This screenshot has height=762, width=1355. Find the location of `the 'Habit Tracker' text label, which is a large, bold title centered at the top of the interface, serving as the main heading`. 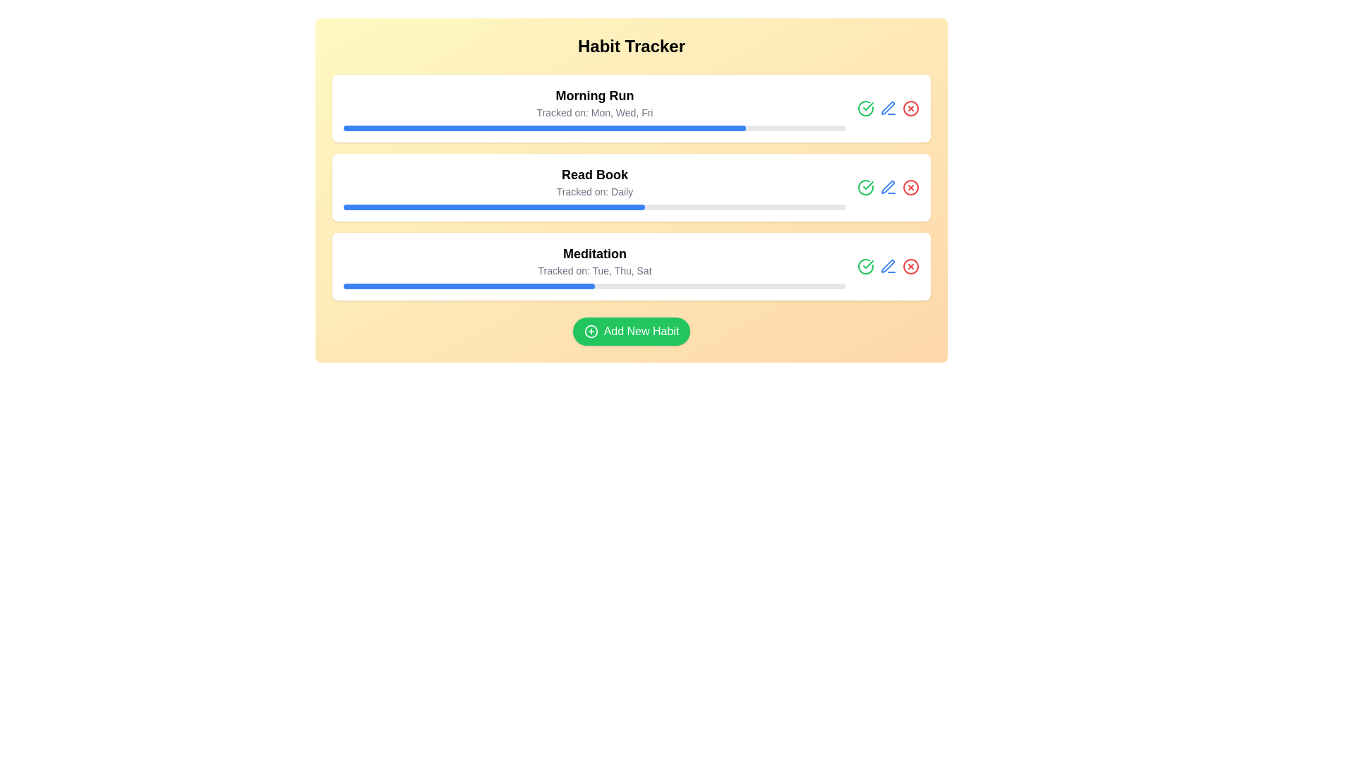

the 'Habit Tracker' text label, which is a large, bold title centered at the top of the interface, serving as the main heading is located at coordinates (630, 45).